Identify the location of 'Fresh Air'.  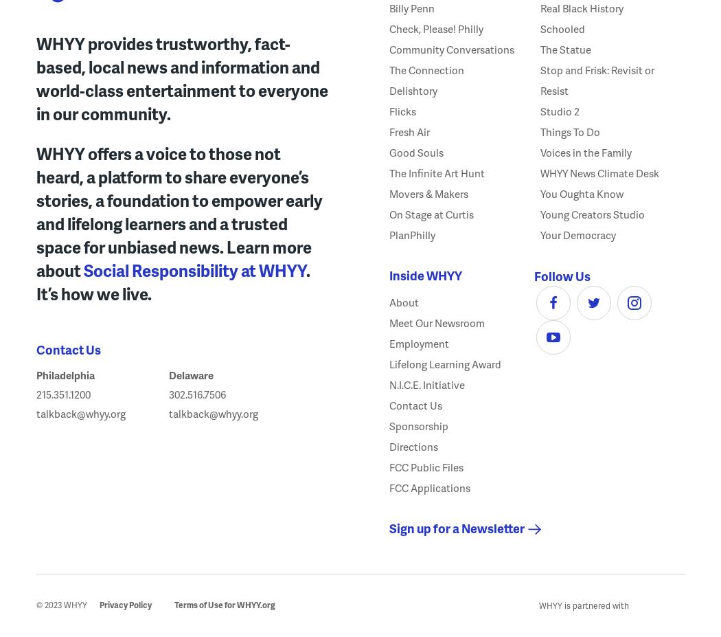
(409, 131).